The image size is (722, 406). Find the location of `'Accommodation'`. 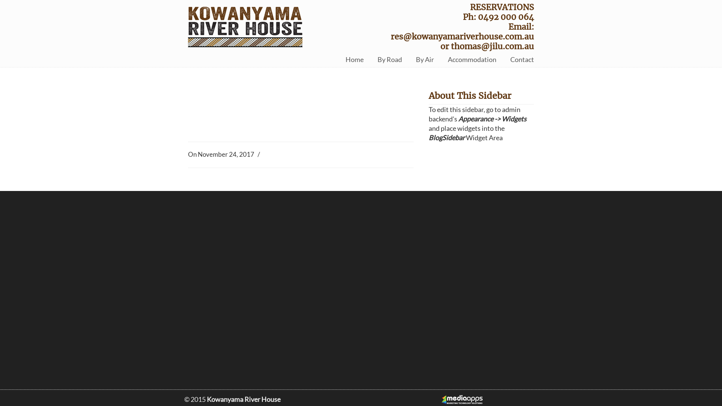

'Accommodation' is located at coordinates (472, 59).